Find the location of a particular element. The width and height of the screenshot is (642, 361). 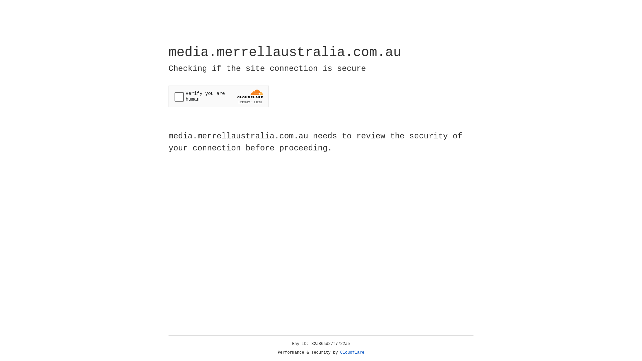

'Widget containing a Cloudflare security challenge' is located at coordinates (218, 96).